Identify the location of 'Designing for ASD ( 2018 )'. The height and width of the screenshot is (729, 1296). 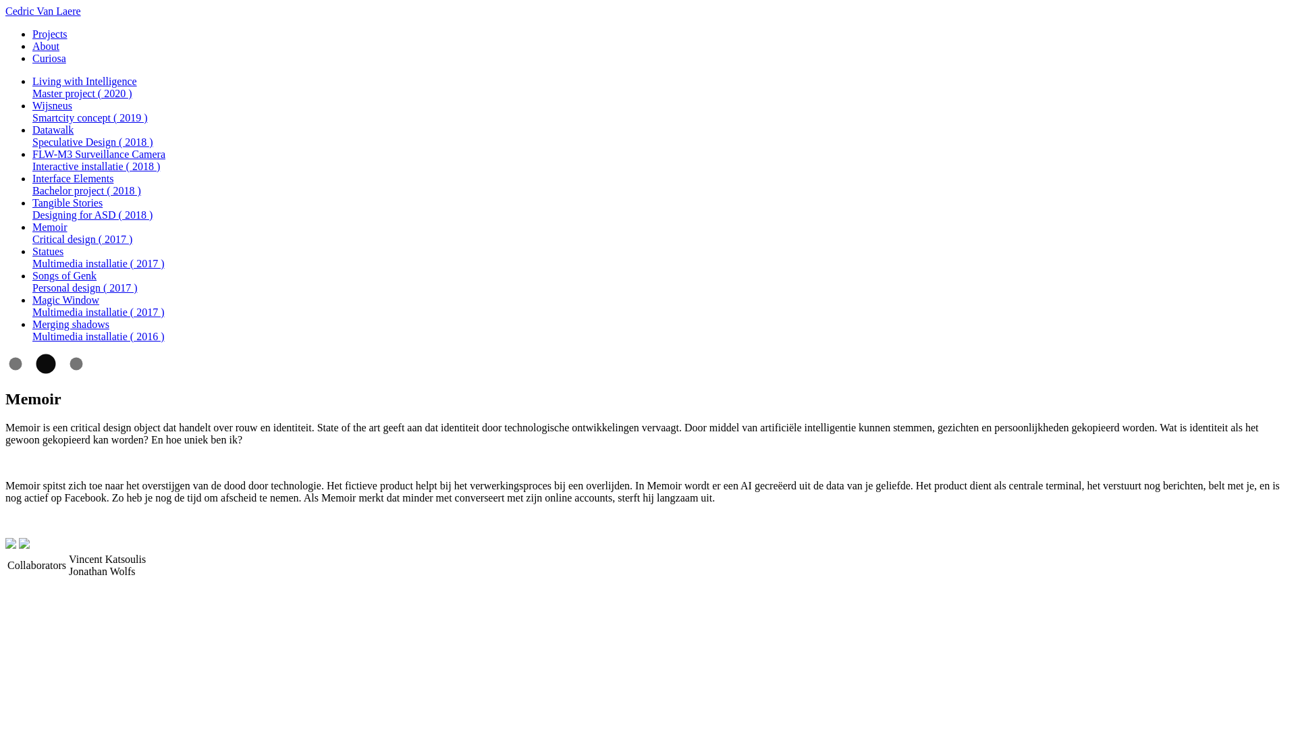
(92, 214).